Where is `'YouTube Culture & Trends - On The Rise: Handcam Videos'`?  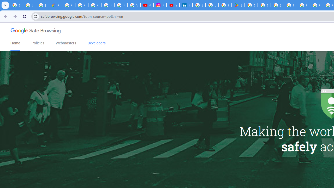
'YouTube Culture & Trends - On The Rise: Handcam Videos' is located at coordinates (173, 5).